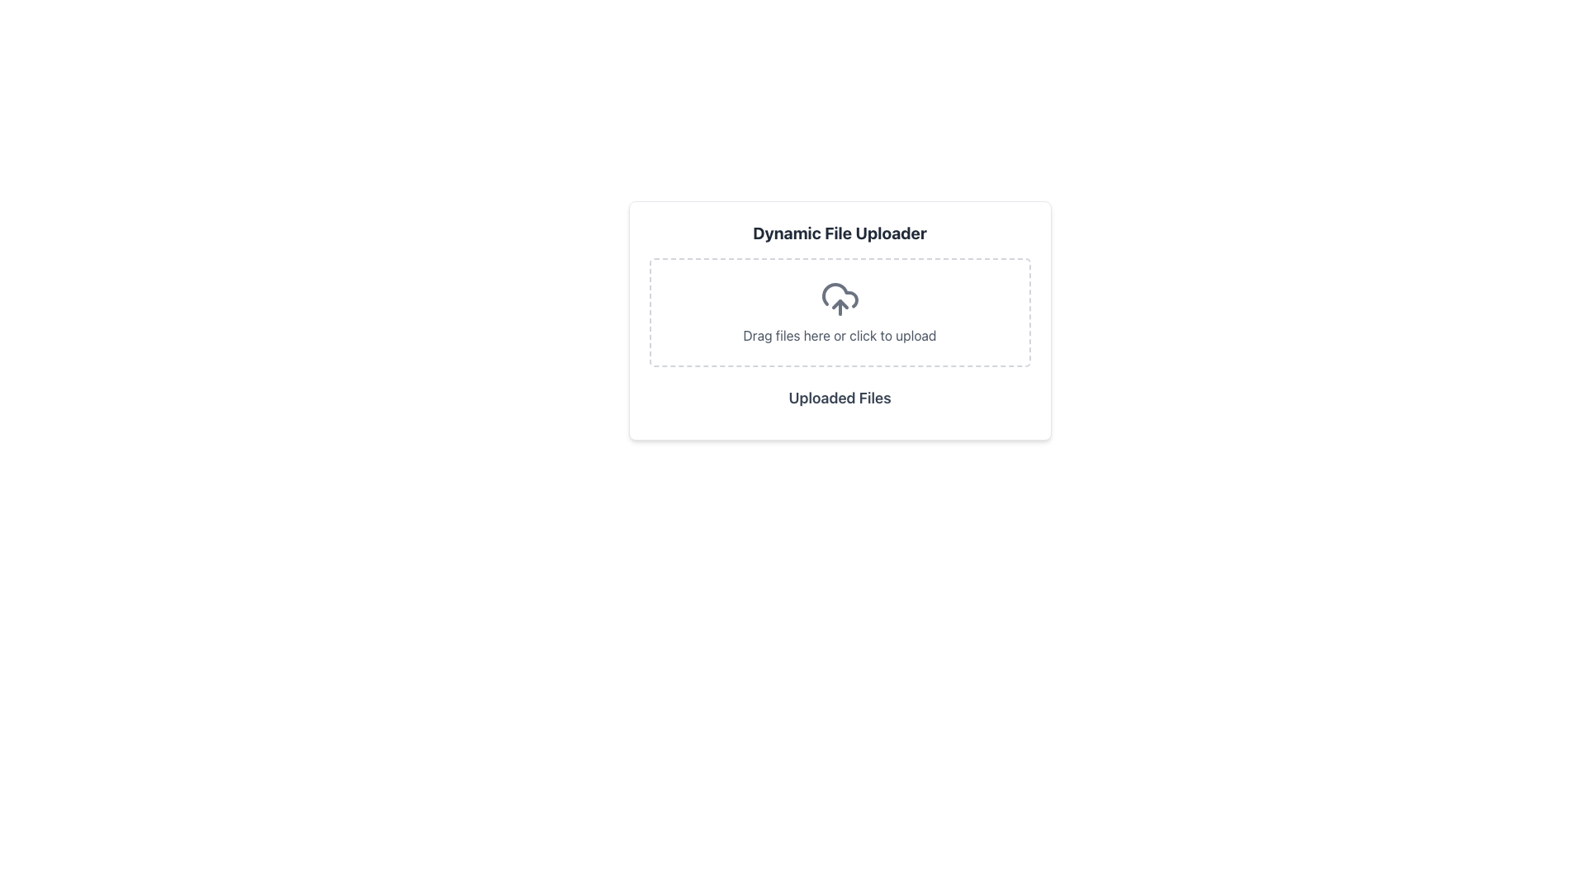 The width and height of the screenshot is (1585, 891). What do you see at coordinates (840, 312) in the screenshot?
I see `the File Upload Dropzone` at bounding box center [840, 312].